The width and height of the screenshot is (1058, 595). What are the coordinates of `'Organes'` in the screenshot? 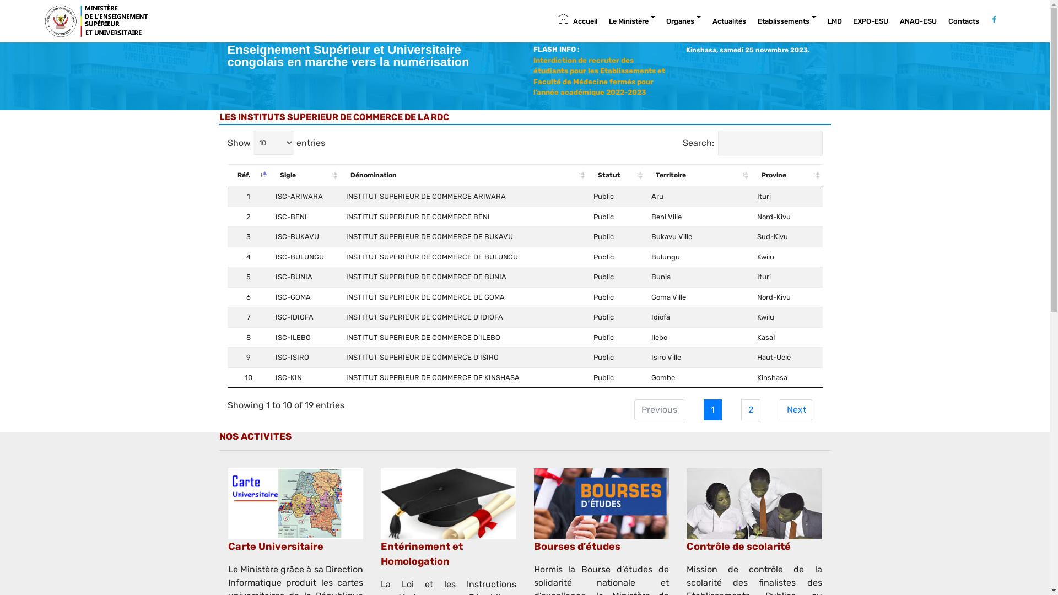 It's located at (683, 21).